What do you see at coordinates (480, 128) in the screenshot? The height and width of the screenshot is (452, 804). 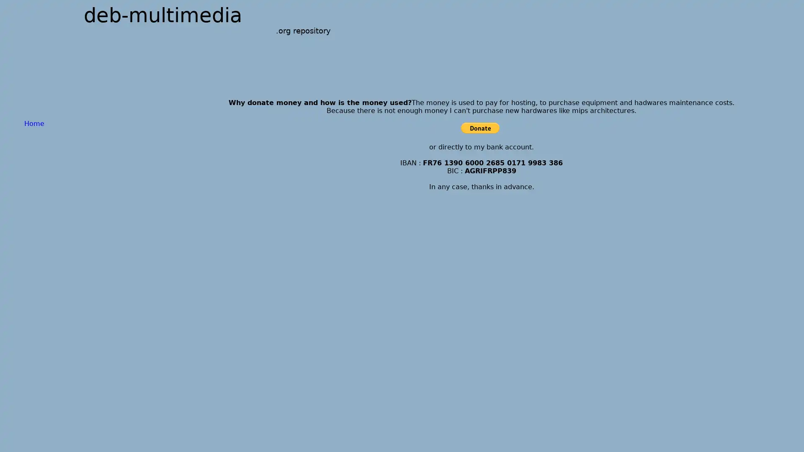 I see `PayPal - The safer, easier way to pay online!` at bounding box center [480, 128].